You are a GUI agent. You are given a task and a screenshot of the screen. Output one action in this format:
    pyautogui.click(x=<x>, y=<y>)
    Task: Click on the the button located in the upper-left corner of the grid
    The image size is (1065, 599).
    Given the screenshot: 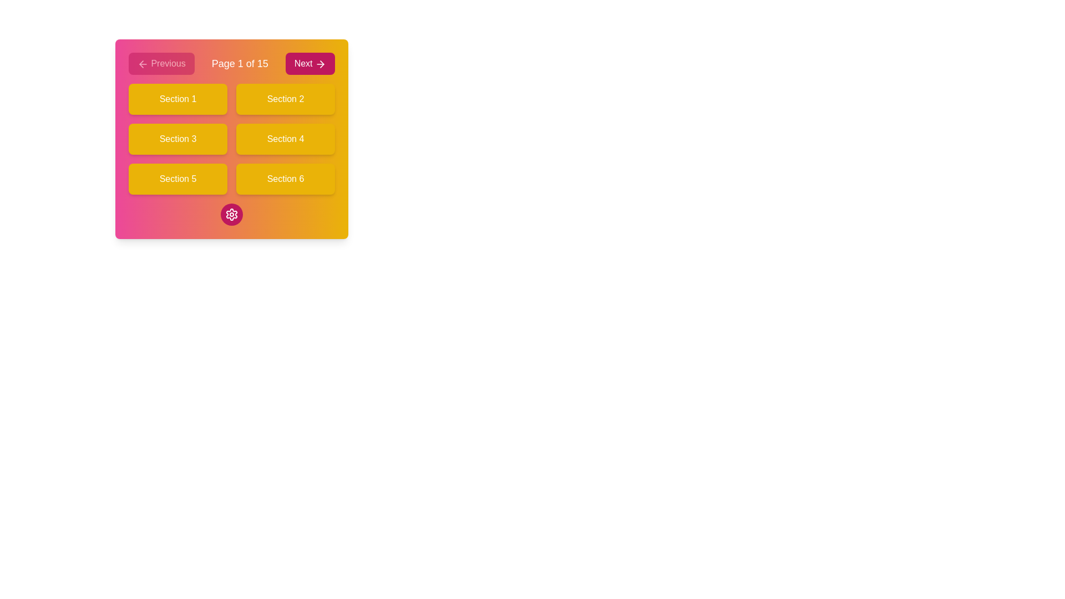 What is the action you would take?
    pyautogui.click(x=178, y=98)
    